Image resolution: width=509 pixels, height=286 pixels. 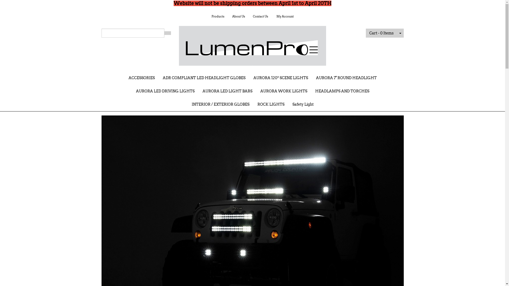 What do you see at coordinates (260, 16) in the screenshot?
I see `'Contact Us'` at bounding box center [260, 16].